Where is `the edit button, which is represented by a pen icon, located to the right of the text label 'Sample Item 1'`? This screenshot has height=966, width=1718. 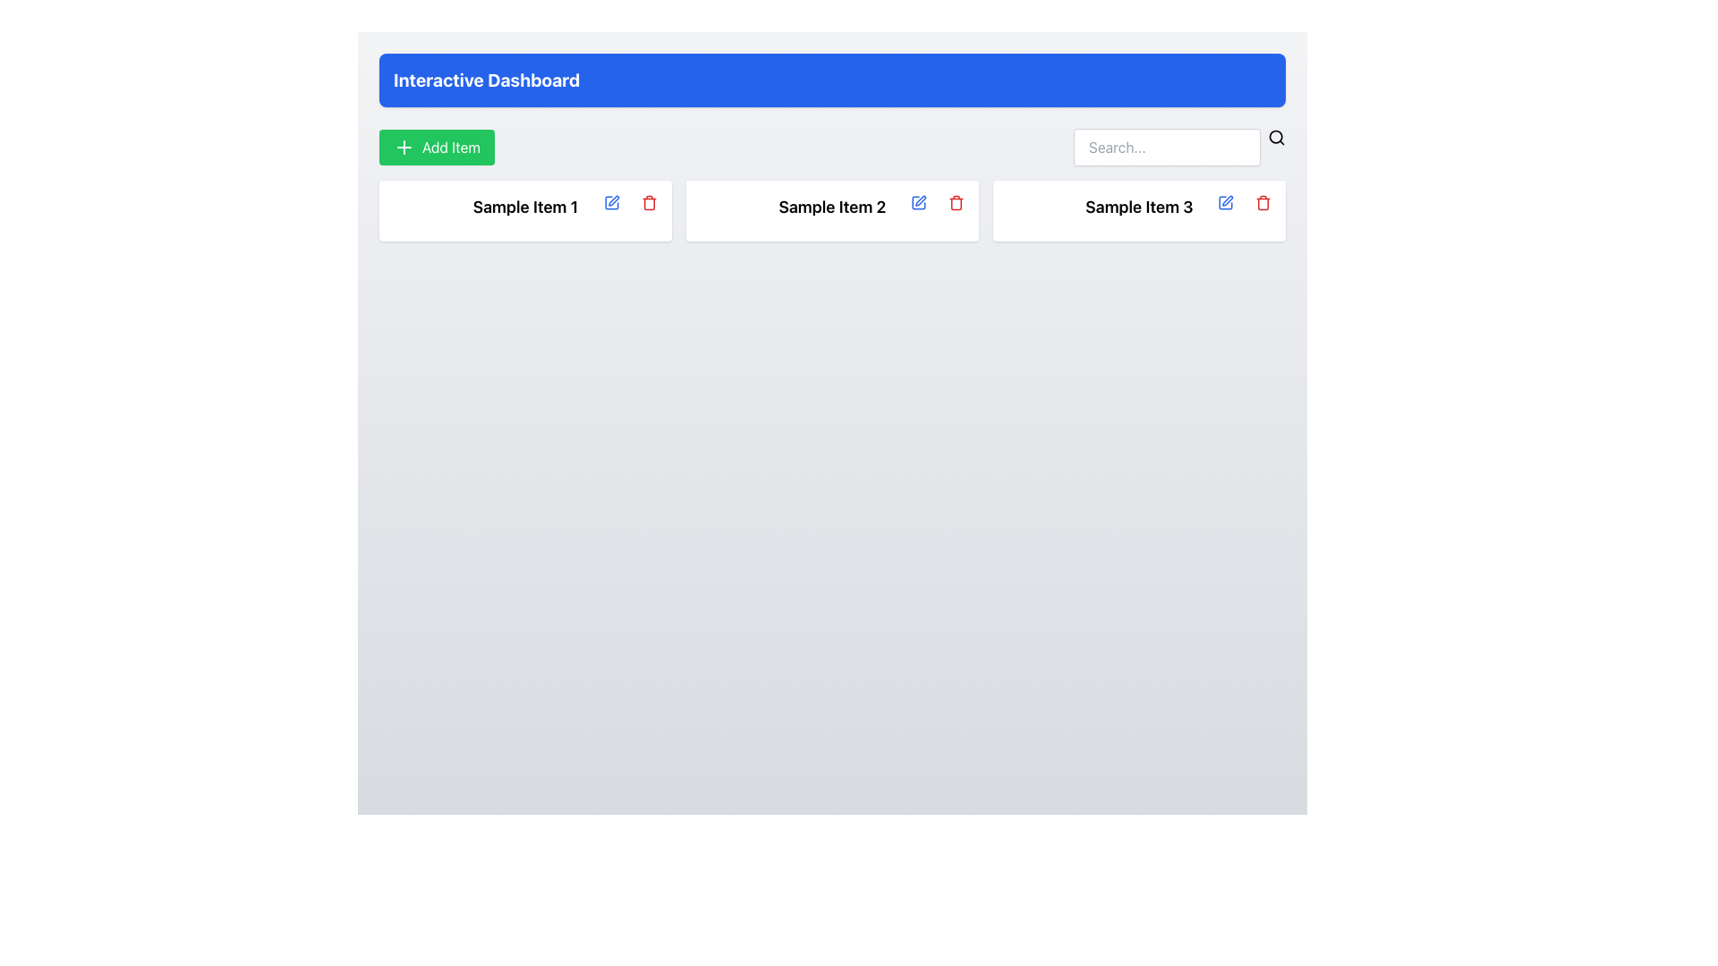 the edit button, which is represented by a pen icon, located to the right of the text label 'Sample Item 1' is located at coordinates (612, 202).